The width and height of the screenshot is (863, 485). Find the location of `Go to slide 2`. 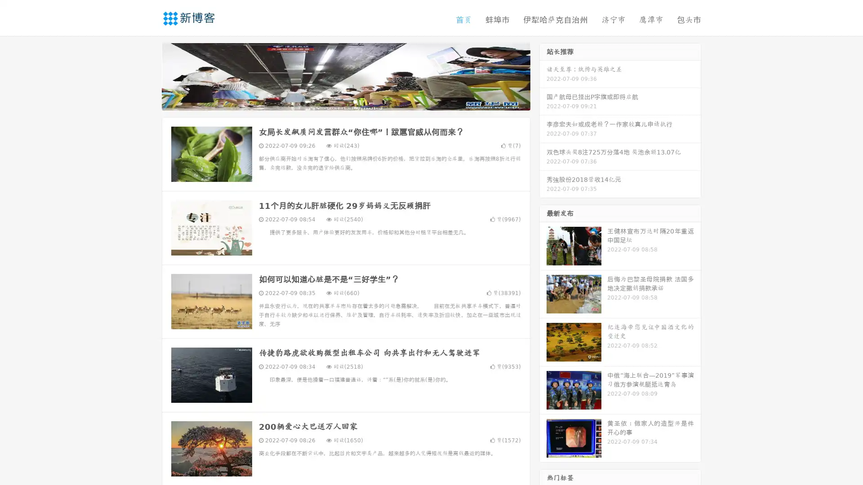

Go to slide 2 is located at coordinates (345, 101).